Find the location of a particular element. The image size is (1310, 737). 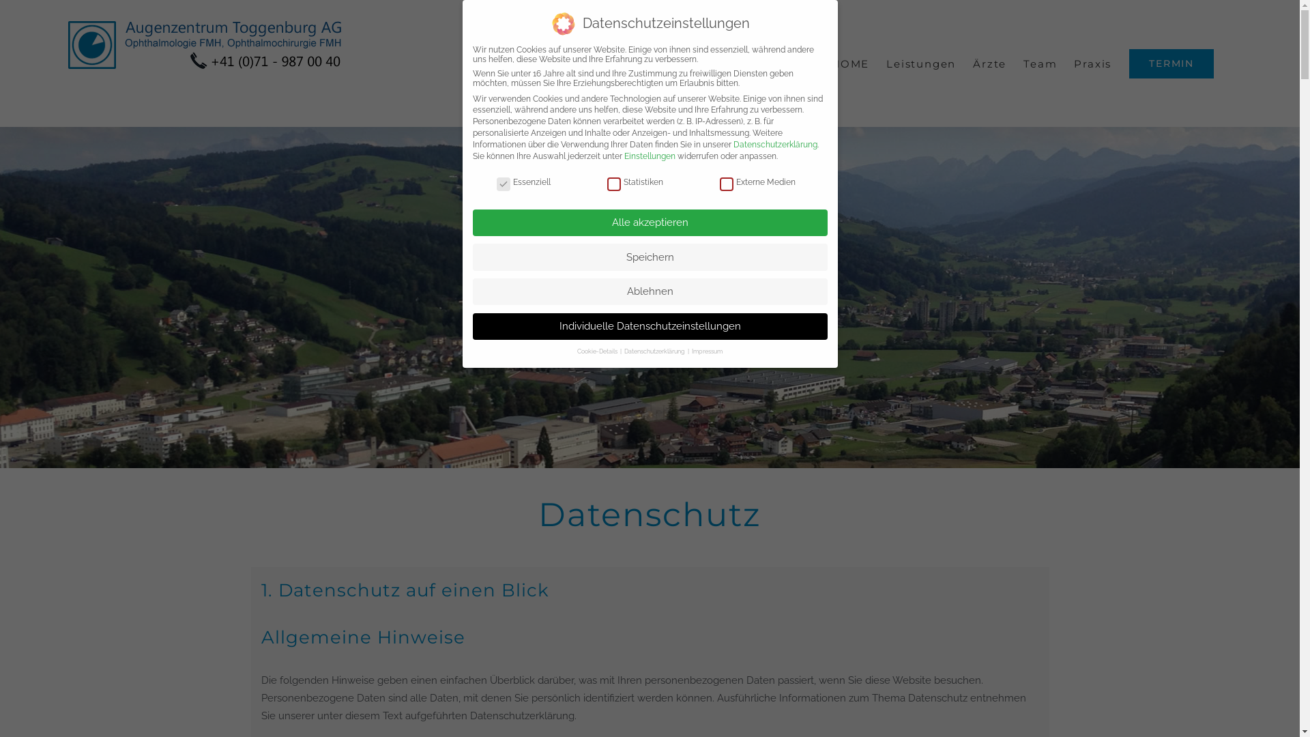

'TERMIN' is located at coordinates (1171, 63).